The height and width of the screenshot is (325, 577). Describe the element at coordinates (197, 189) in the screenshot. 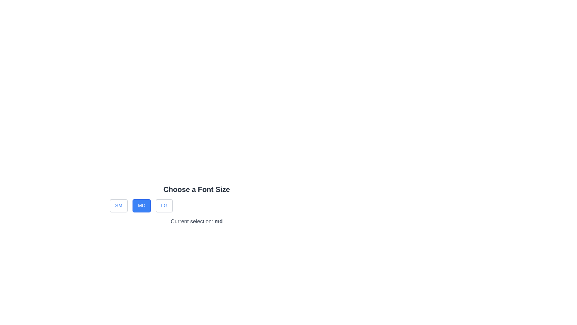

I see `the Text header that indicates font size selection, positioned at the top center above size selection buttons ('SM', 'MD', 'LG')` at that location.